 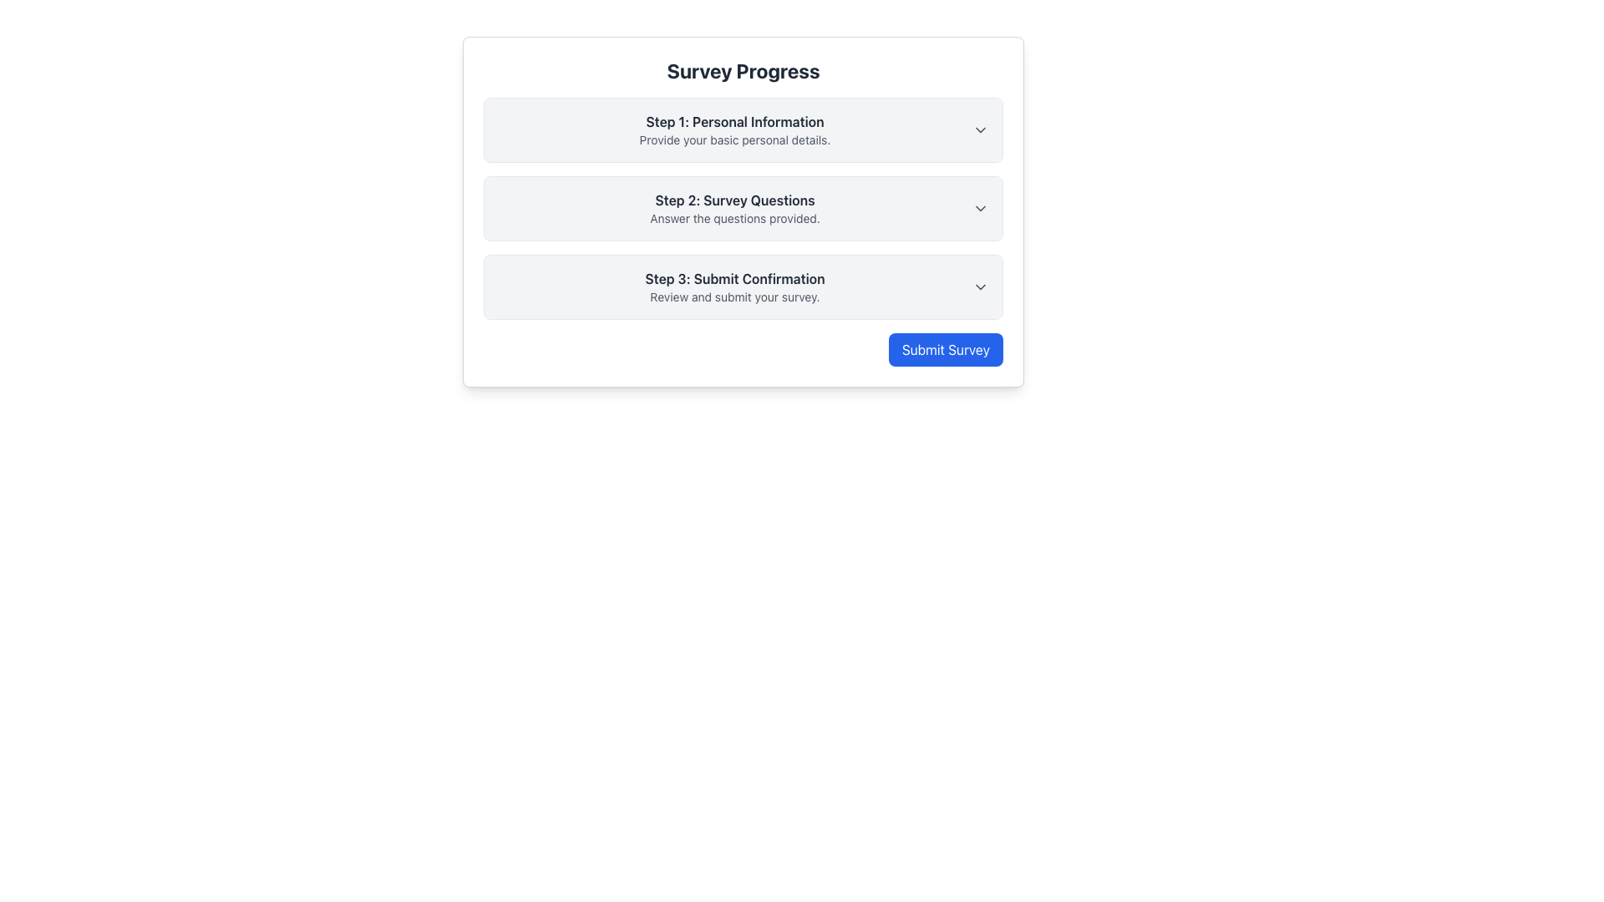 What do you see at coordinates (734, 208) in the screenshot?
I see `textual content of the Descriptive Text Block that informs the user about the second step in the survey process, positioned below 'Step 1: Personal Information' and above 'Step 3: Submit Confirmation'` at bounding box center [734, 208].